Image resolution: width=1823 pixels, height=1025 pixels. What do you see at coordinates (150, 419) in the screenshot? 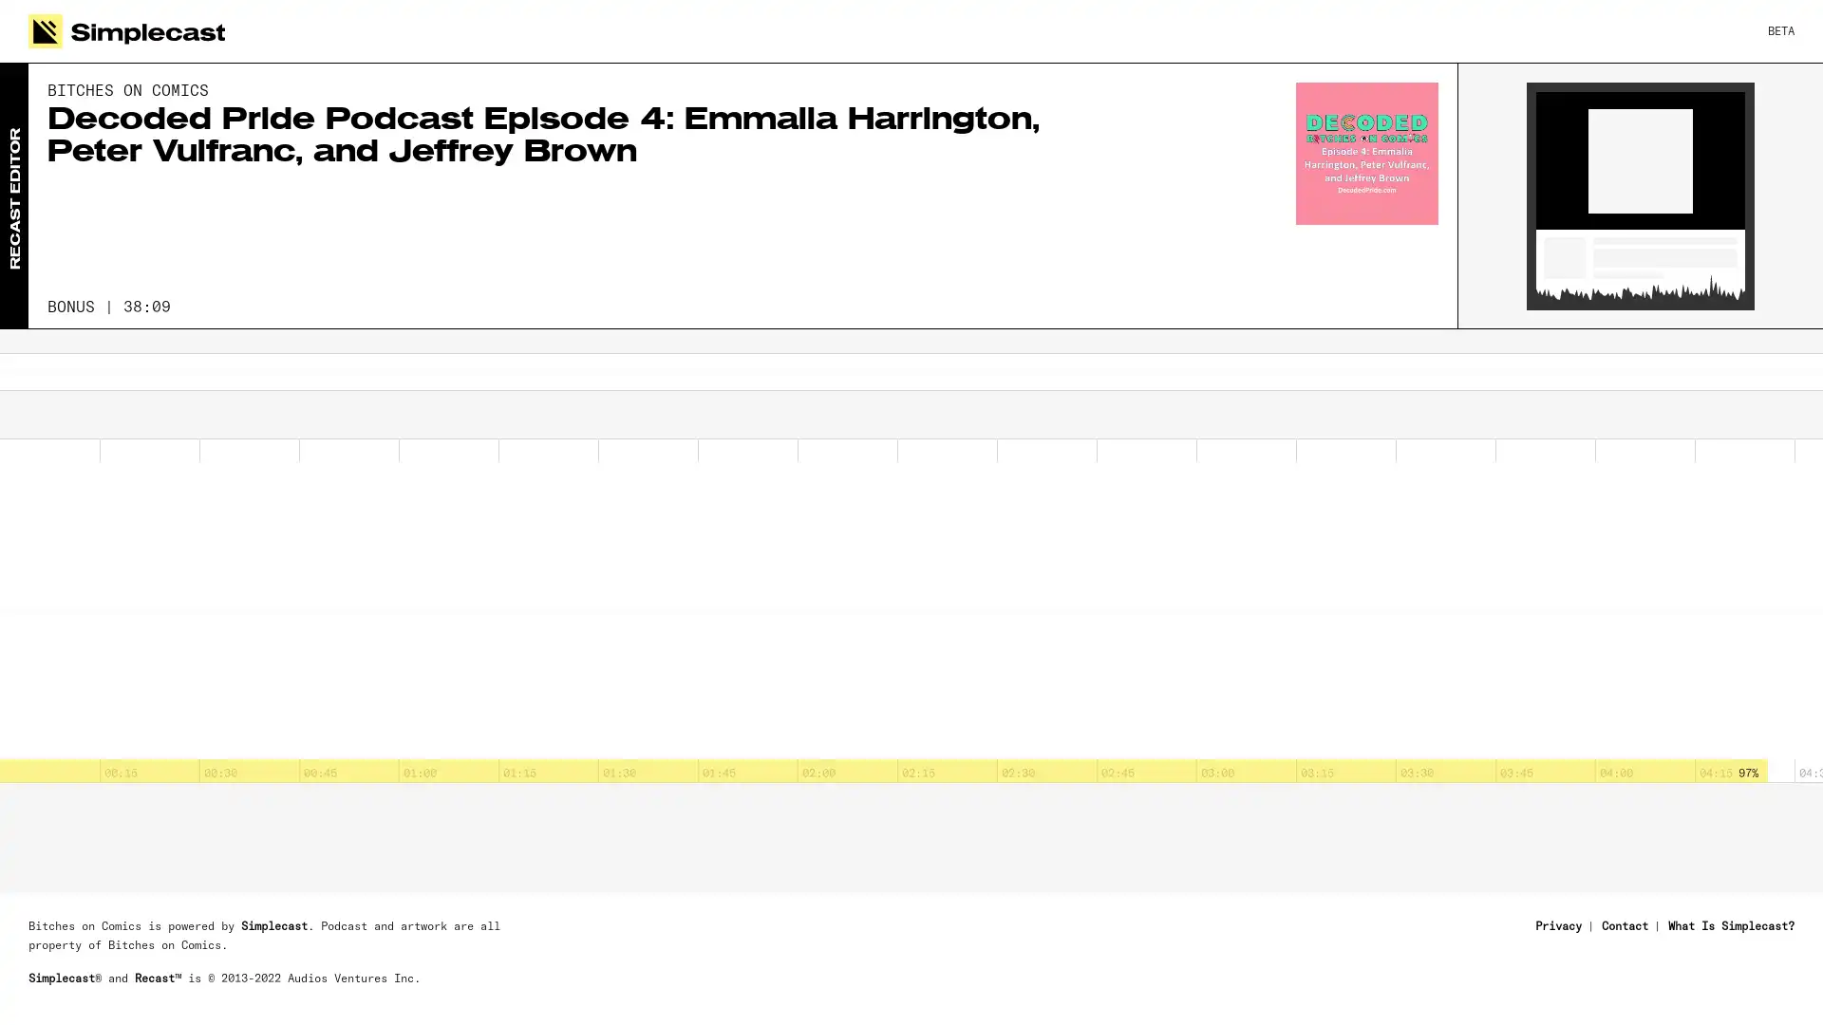
I see `90s` at bounding box center [150, 419].